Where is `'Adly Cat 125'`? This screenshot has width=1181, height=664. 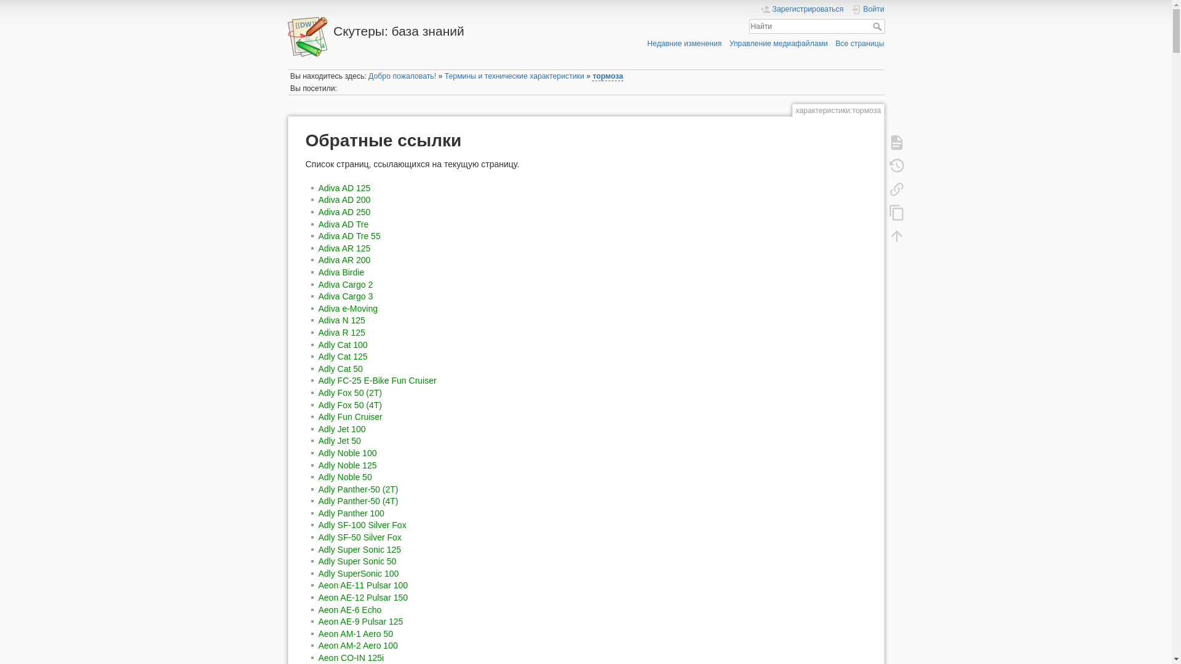
'Adly Cat 125' is located at coordinates (343, 356).